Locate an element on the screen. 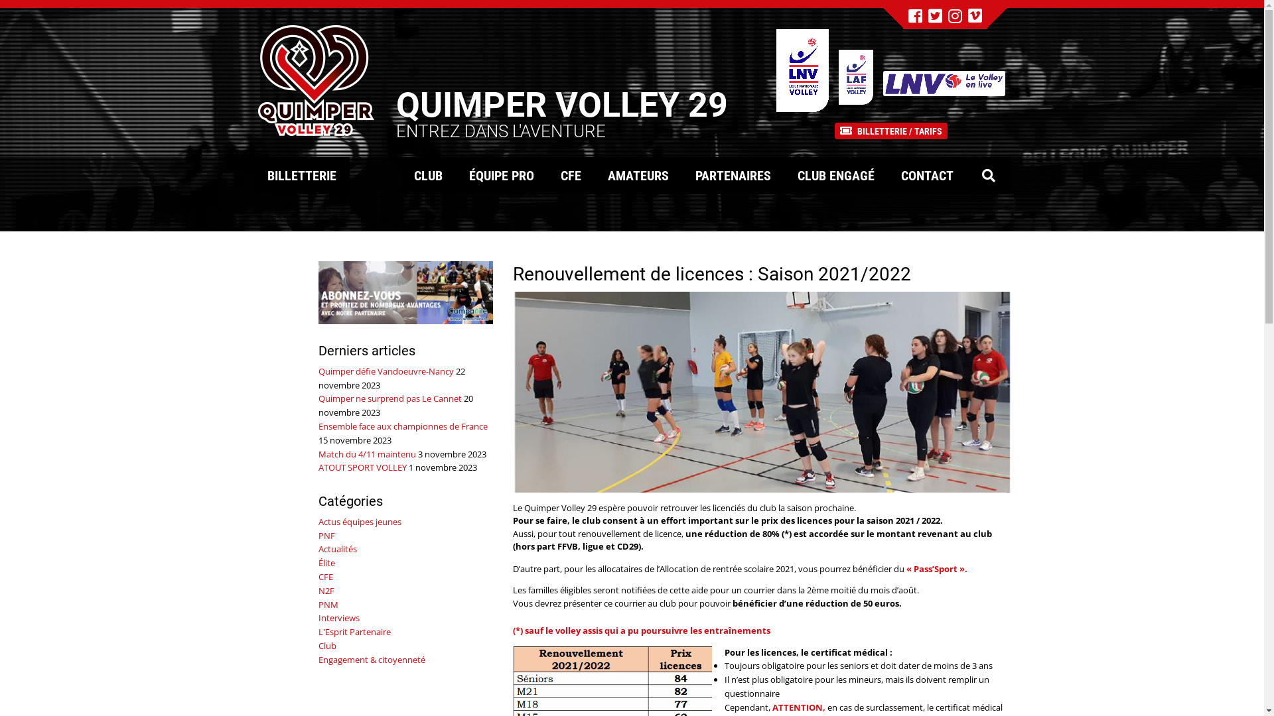 This screenshot has width=1274, height=716. 'Interviews' is located at coordinates (338, 618).